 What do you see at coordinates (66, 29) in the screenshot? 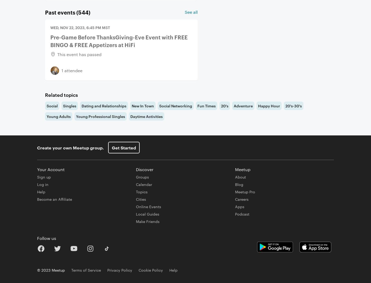
I see `'-15% Off your tab.'` at bounding box center [66, 29].